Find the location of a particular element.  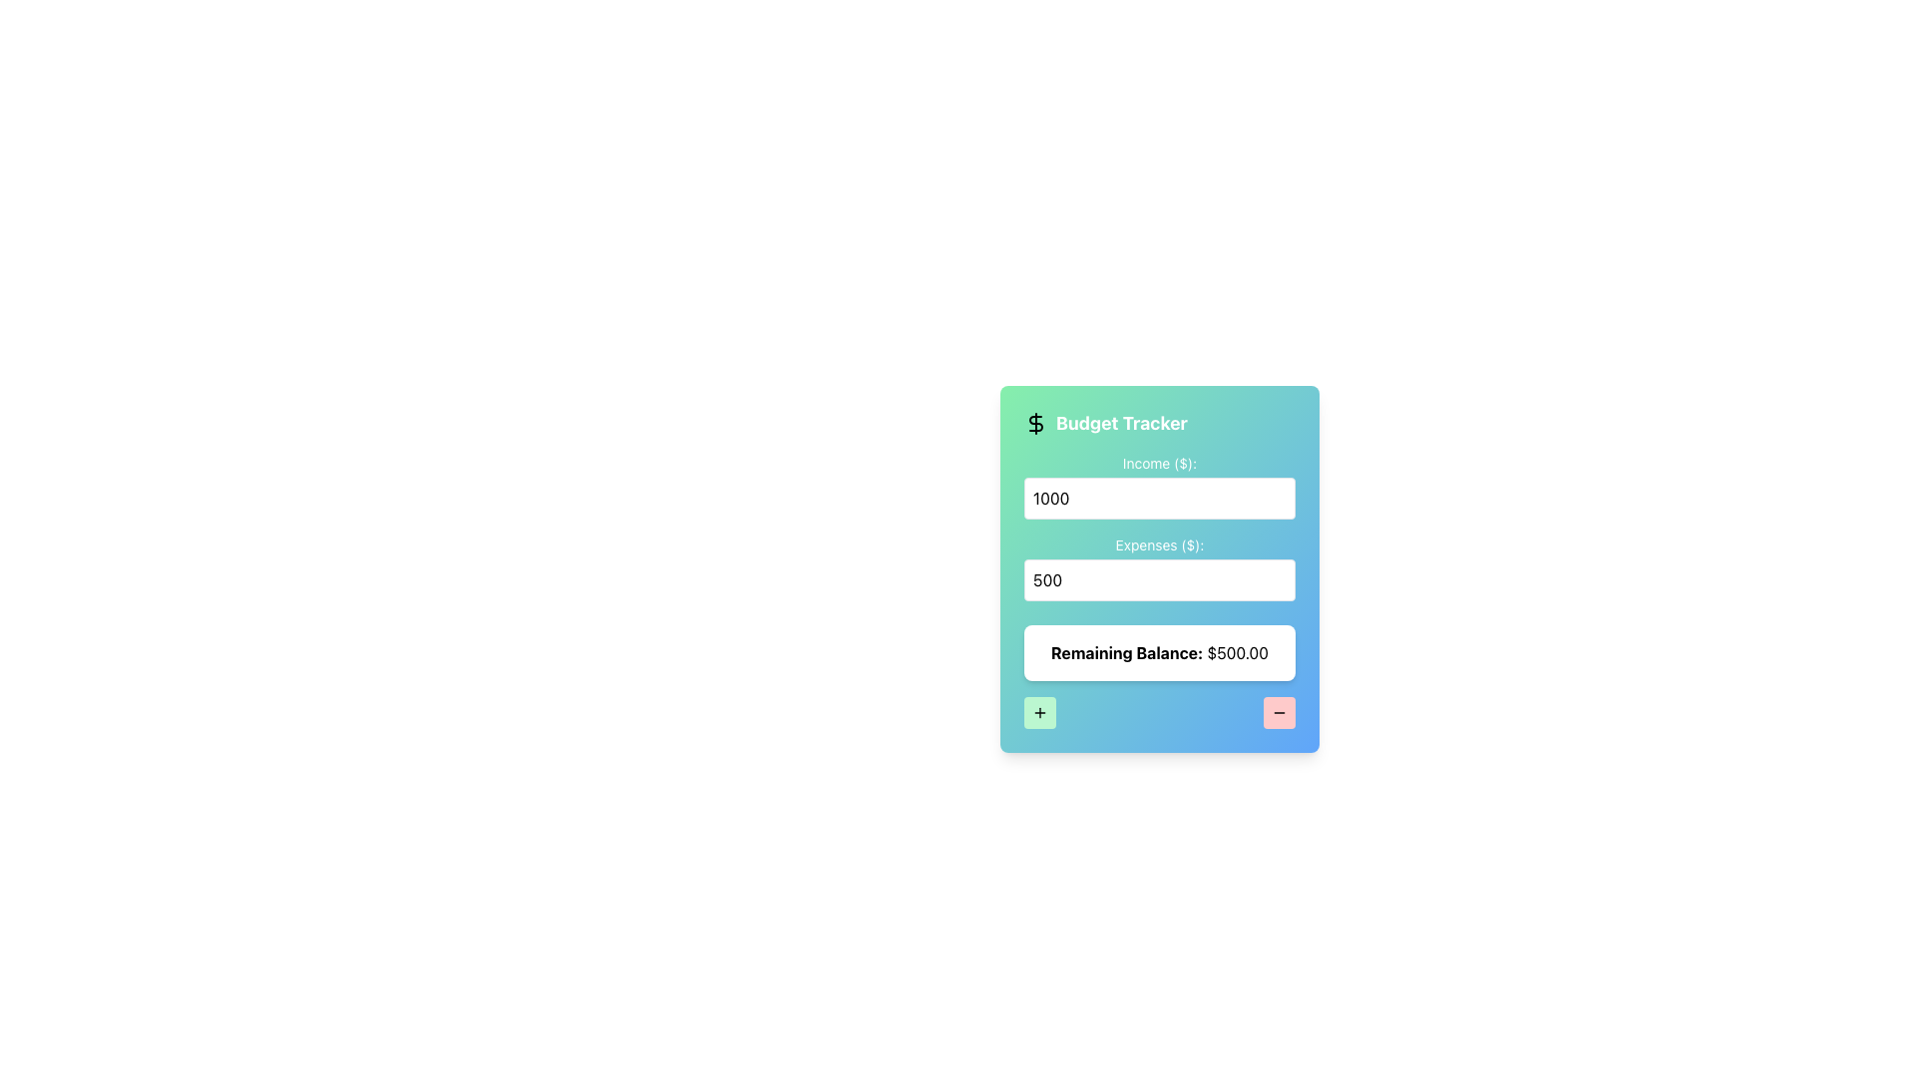

the header element styled with bold white text reading 'Budget Tracker' and accompanied by a dollar sign icon, located at the top of a card-like layout is located at coordinates (1159, 422).